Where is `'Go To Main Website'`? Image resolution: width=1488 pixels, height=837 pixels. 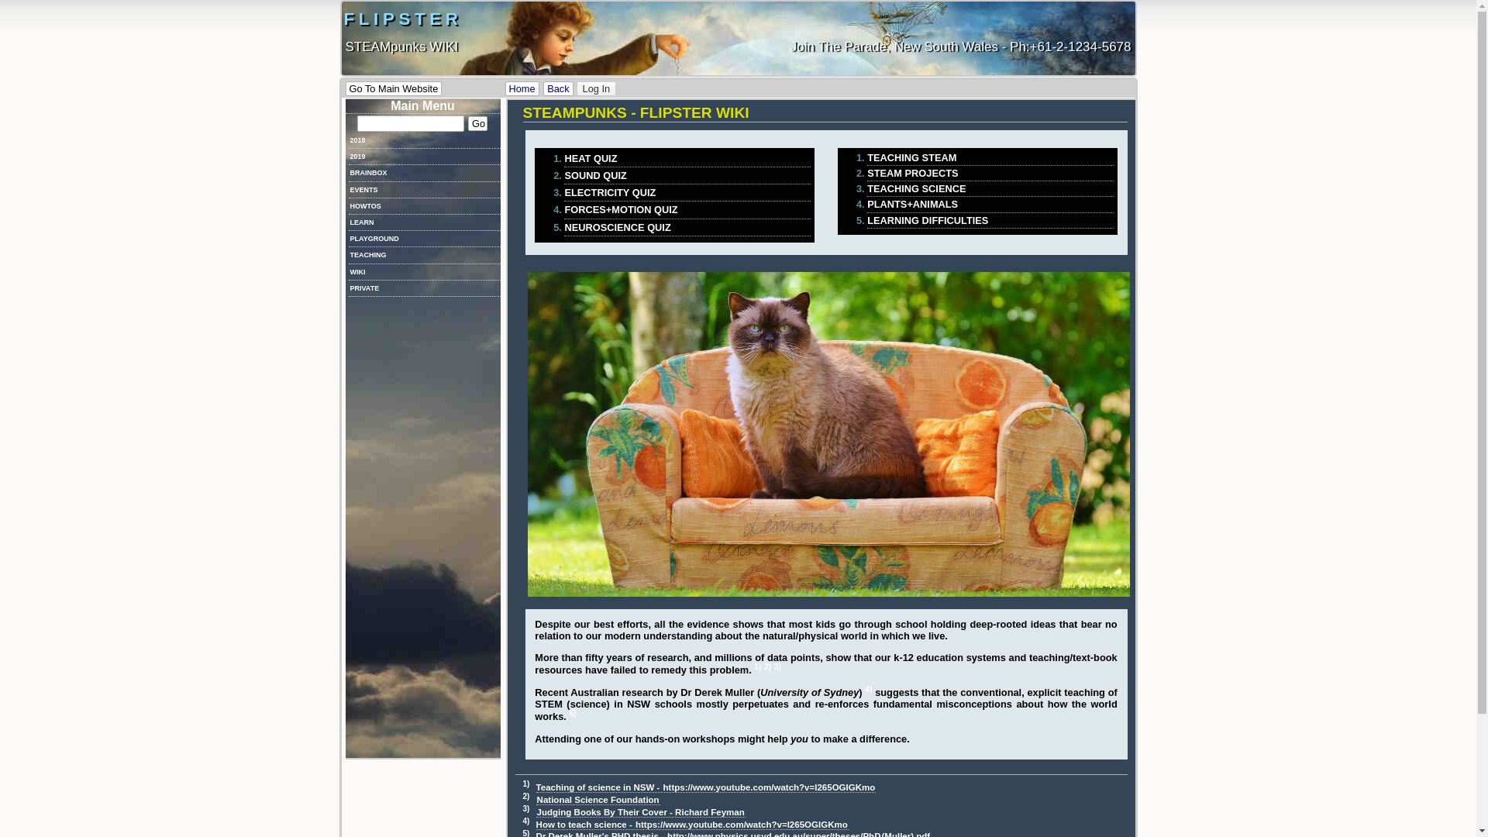
'Go To Main Website' is located at coordinates (394, 88).